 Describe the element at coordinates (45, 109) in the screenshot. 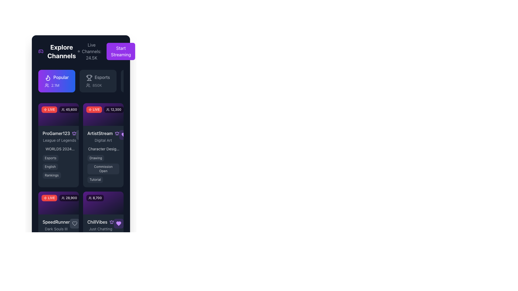

I see `the 'LIVE' badge icon located at the top left of the card component` at that location.